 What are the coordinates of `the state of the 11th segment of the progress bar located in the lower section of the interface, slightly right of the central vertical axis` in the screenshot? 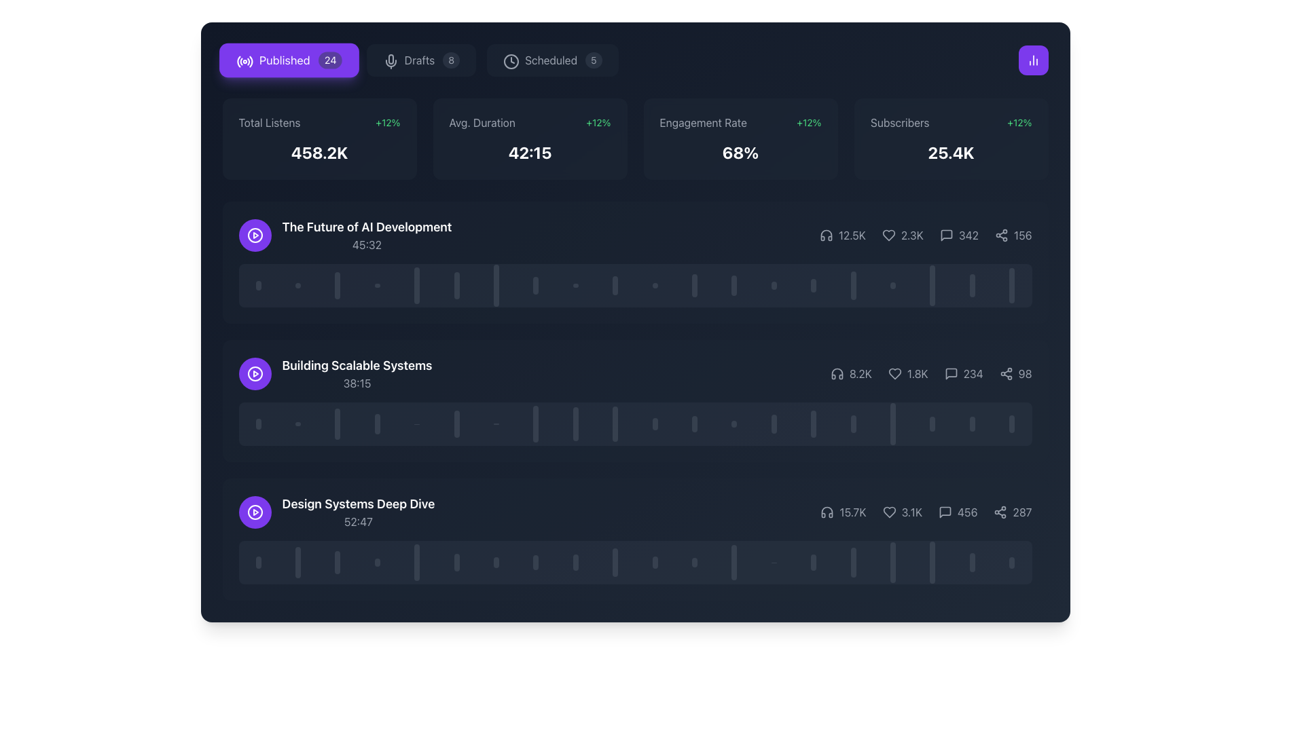 It's located at (655, 563).